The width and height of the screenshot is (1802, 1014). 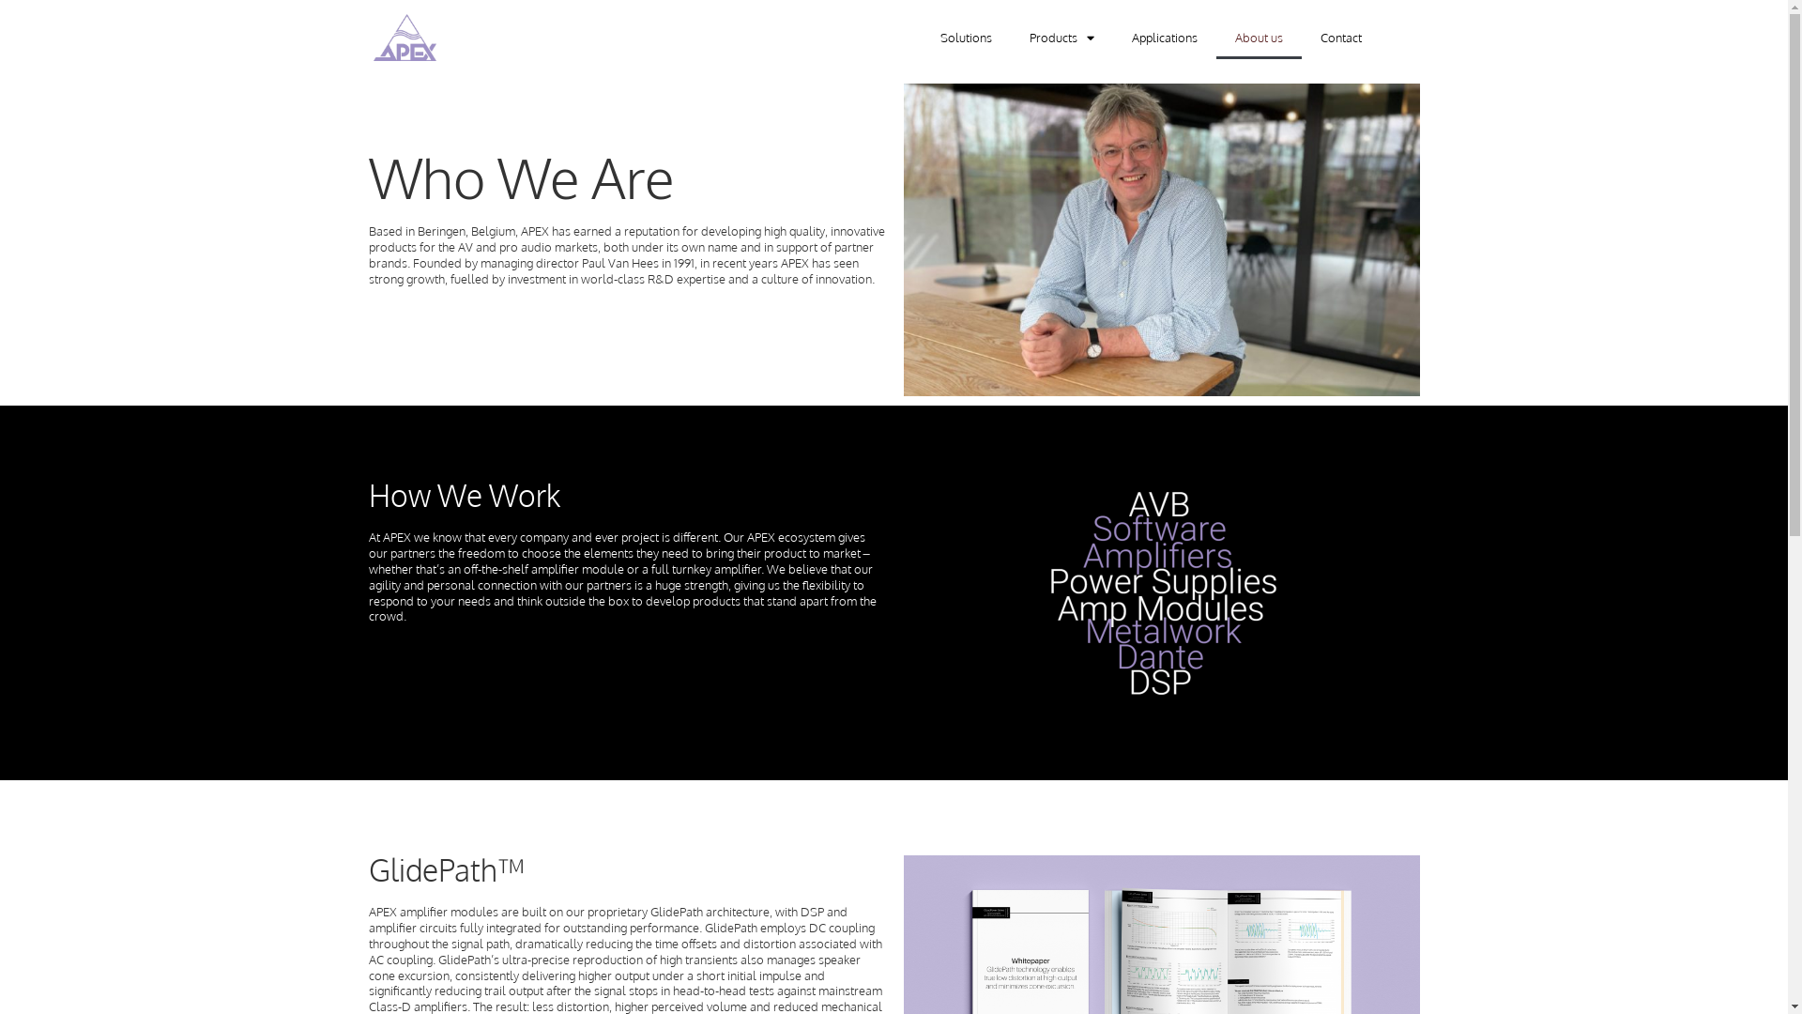 What do you see at coordinates (1112, 37) in the screenshot?
I see `'Applications'` at bounding box center [1112, 37].